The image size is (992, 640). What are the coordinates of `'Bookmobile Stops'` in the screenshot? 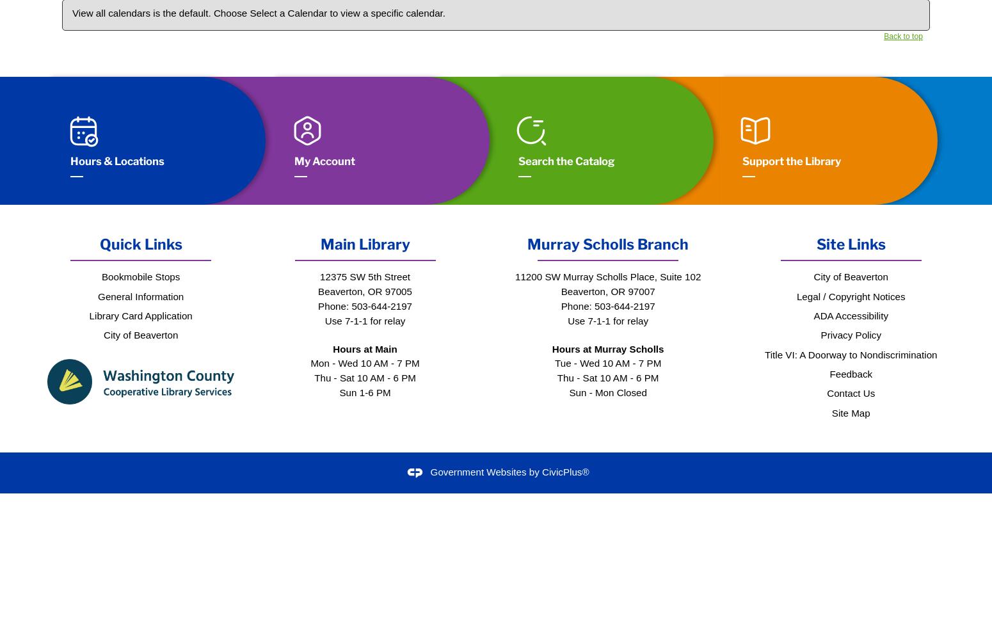 It's located at (140, 276).